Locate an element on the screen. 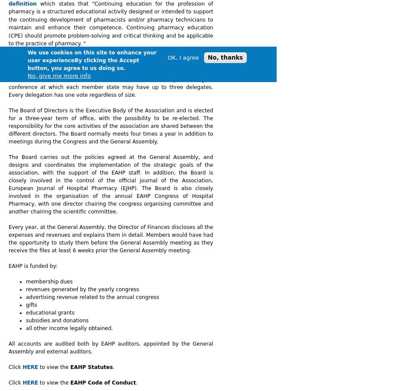  'educational grants' is located at coordinates (50, 312).